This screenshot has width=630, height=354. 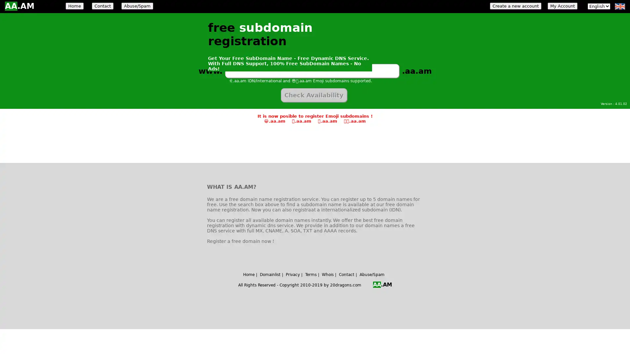 I want to click on Check Availability, so click(x=313, y=95).